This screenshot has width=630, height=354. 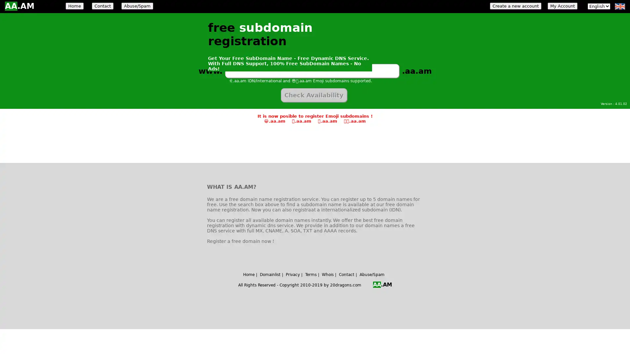 I want to click on Check Availability, so click(x=313, y=95).